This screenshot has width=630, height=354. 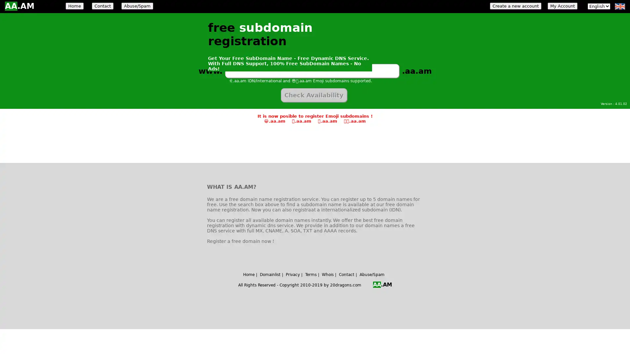 I want to click on Check Availability, so click(x=313, y=95).